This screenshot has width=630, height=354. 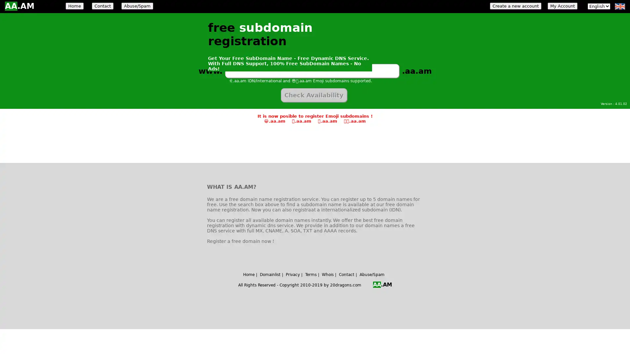 I want to click on Check Availability, so click(x=313, y=95).